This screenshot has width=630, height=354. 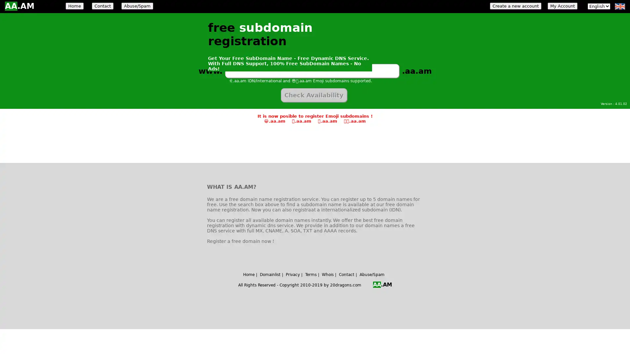 I want to click on Check Availability, so click(x=313, y=95).